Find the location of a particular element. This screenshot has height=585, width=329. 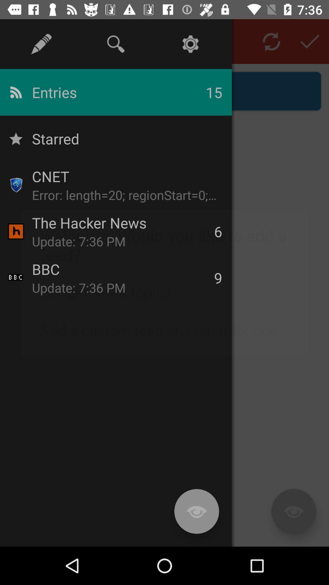

the visibility icon is located at coordinates (293, 511).